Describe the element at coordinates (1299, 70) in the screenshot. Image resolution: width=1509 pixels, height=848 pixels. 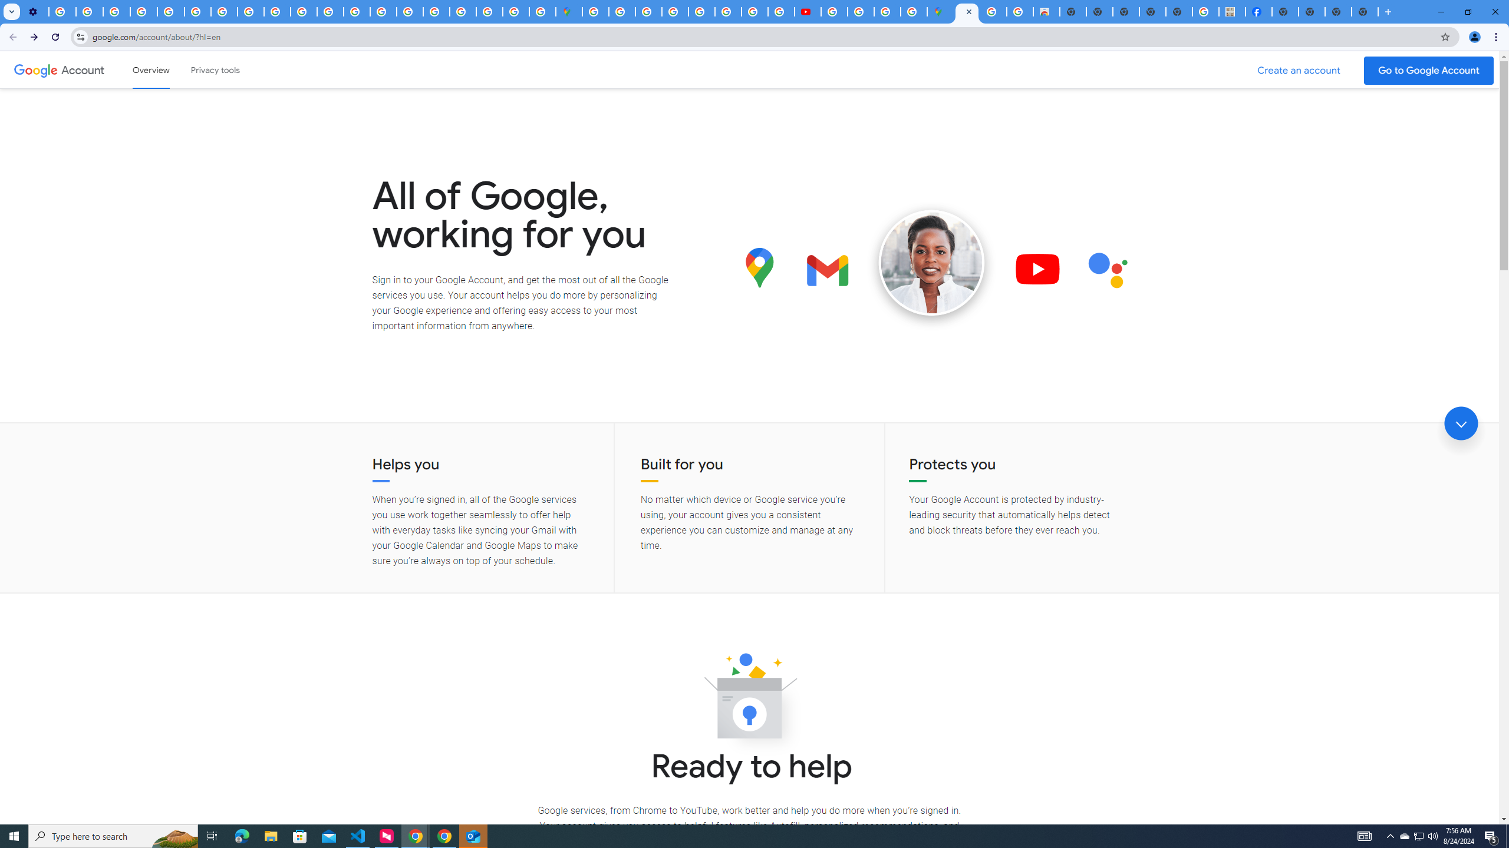
I see `'Create a Google Account'` at that location.